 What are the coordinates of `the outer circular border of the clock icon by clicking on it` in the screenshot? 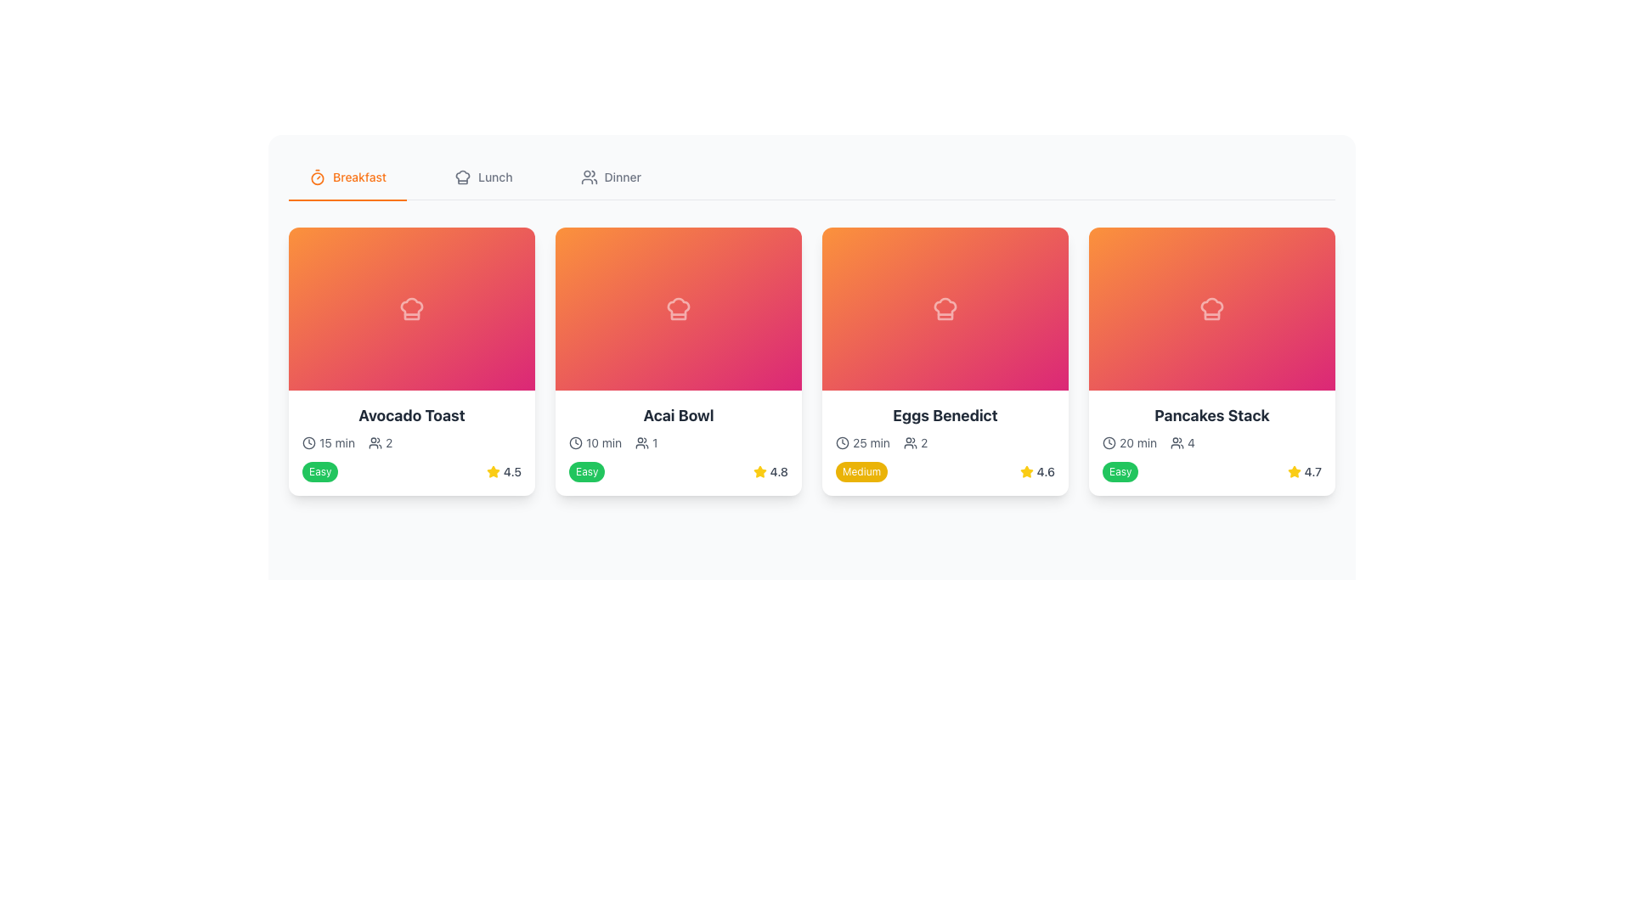 It's located at (575, 442).